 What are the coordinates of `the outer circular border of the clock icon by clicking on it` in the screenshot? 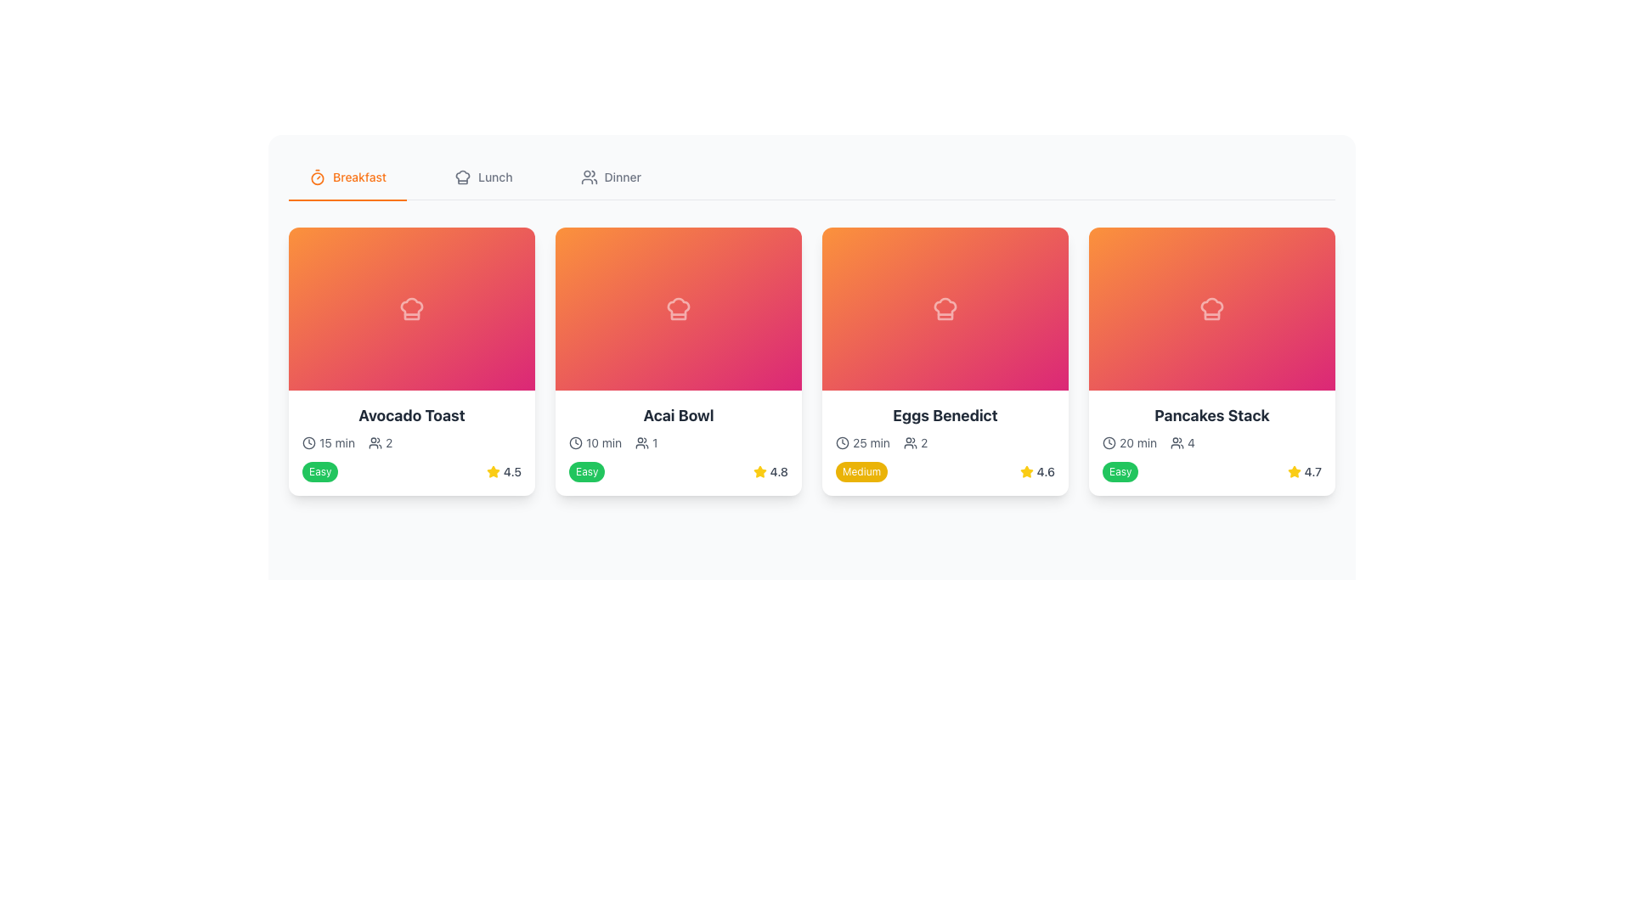 It's located at (575, 442).